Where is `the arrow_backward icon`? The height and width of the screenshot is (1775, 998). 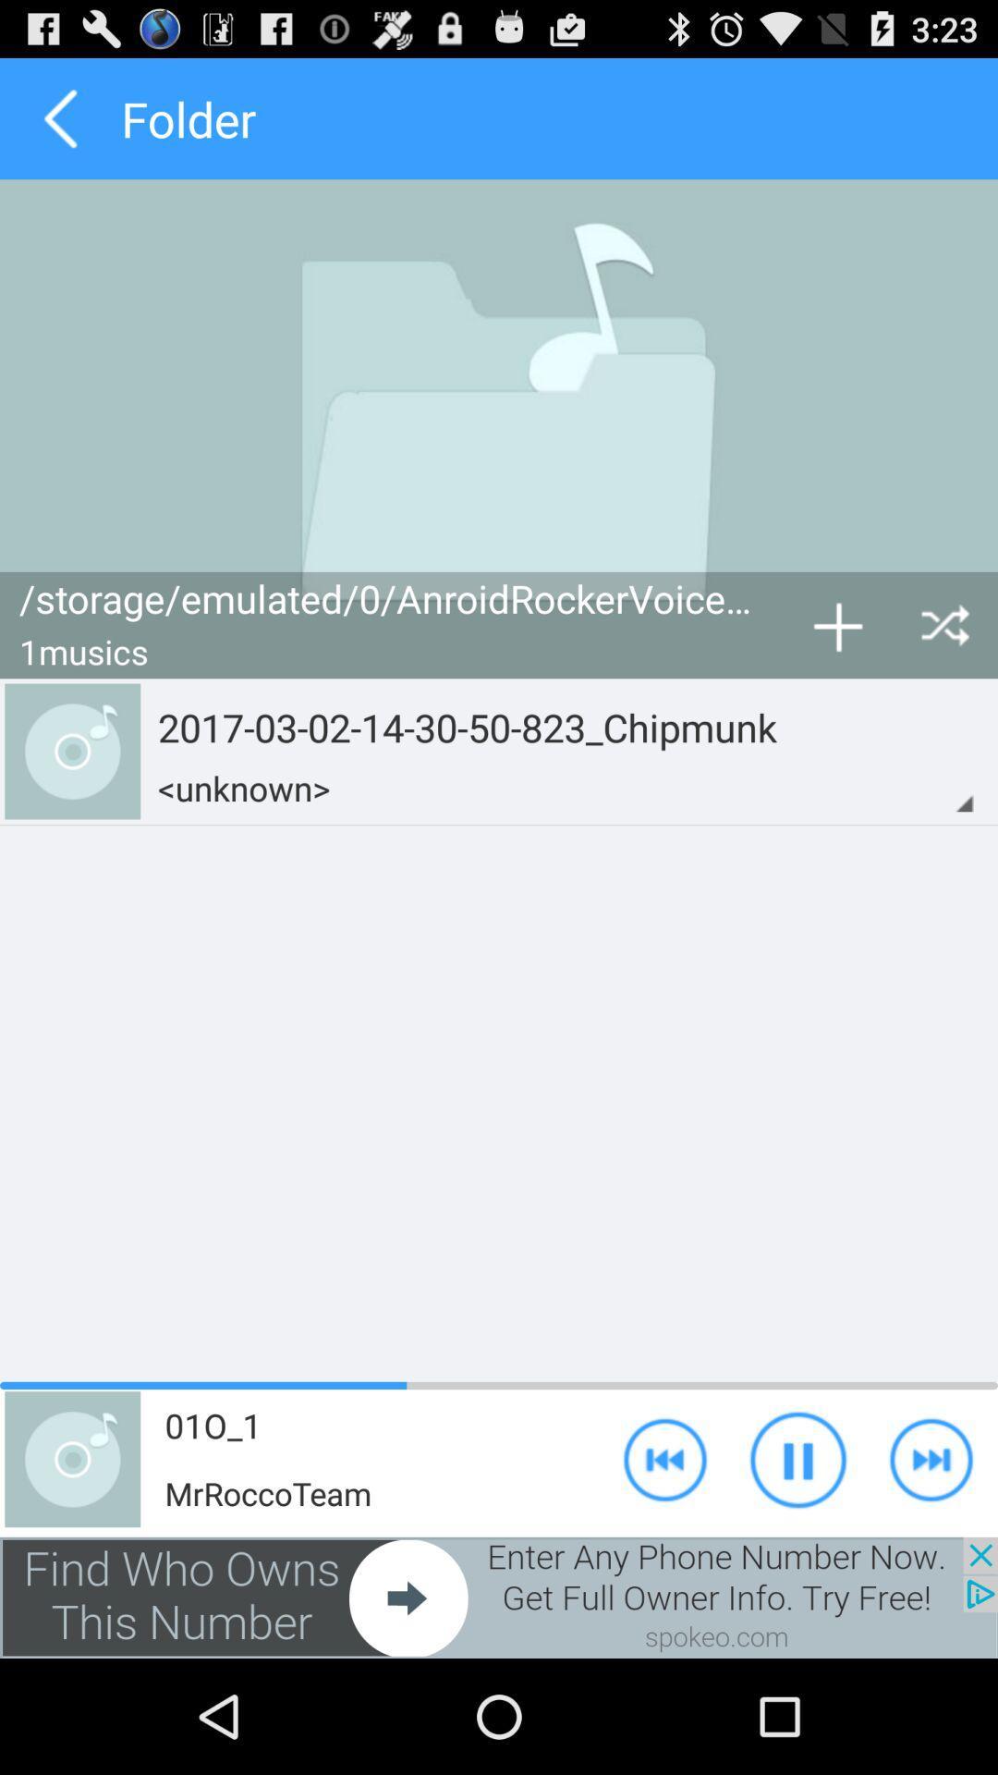 the arrow_backward icon is located at coordinates (59, 126).